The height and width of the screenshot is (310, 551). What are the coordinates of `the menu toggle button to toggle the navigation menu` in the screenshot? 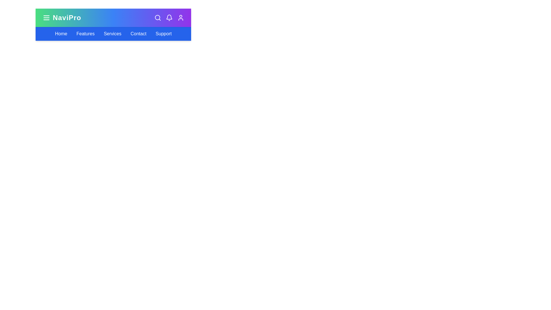 It's located at (46, 17).